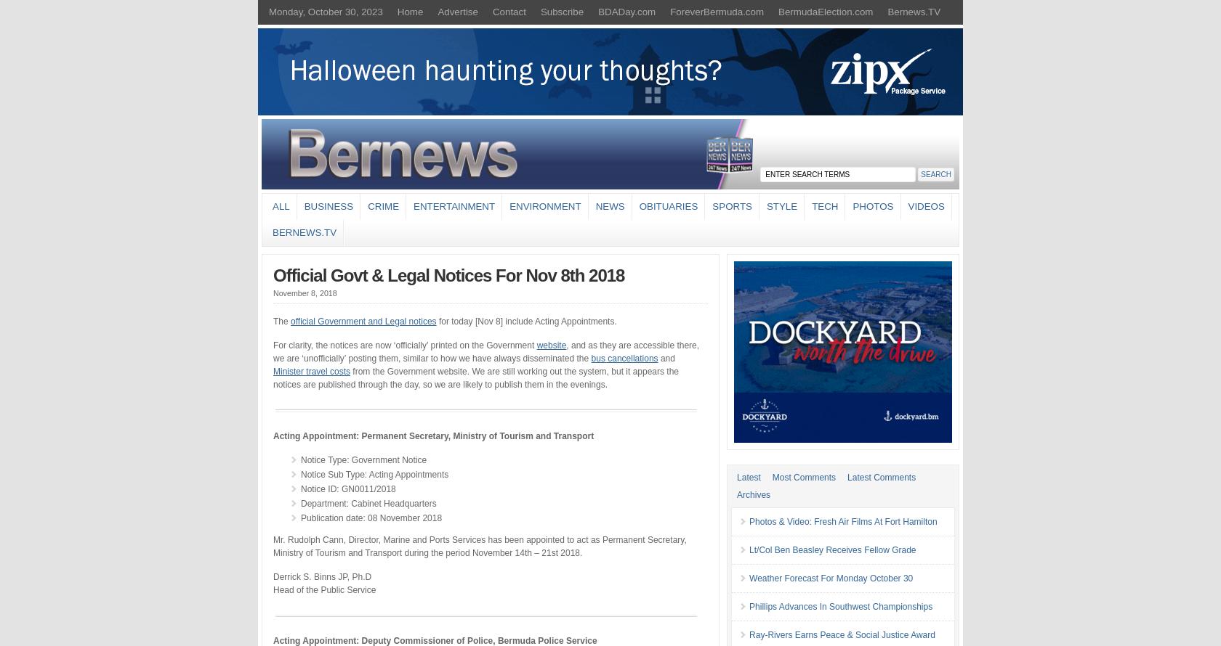 Image resolution: width=1221 pixels, height=646 pixels. Describe the element at coordinates (326, 12) in the screenshot. I see `'Monday, October 30, 2023'` at that location.